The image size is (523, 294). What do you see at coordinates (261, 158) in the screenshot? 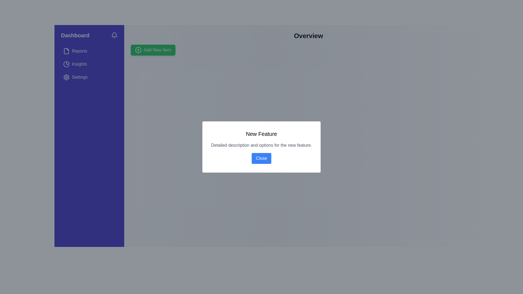
I see `the 'Close' button with a blue background and white text to observe the color change effect` at bounding box center [261, 158].